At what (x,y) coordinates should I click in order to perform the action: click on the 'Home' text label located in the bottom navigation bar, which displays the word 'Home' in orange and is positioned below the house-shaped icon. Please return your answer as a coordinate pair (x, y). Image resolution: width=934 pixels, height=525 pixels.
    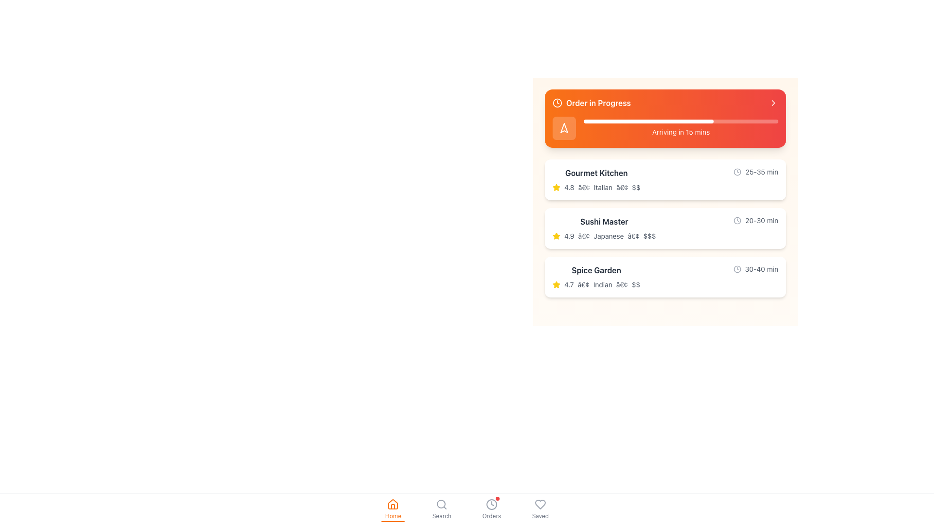
    Looking at the image, I should click on (393, 515).